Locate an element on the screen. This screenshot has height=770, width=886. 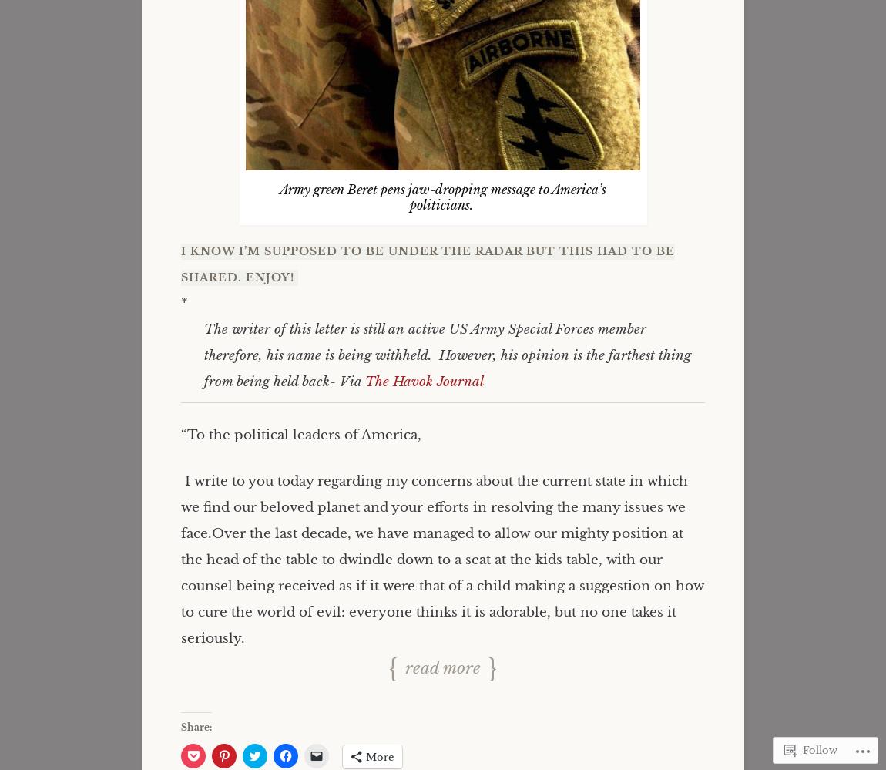
'The Havok Journal' is located at coordinates (424, 382).